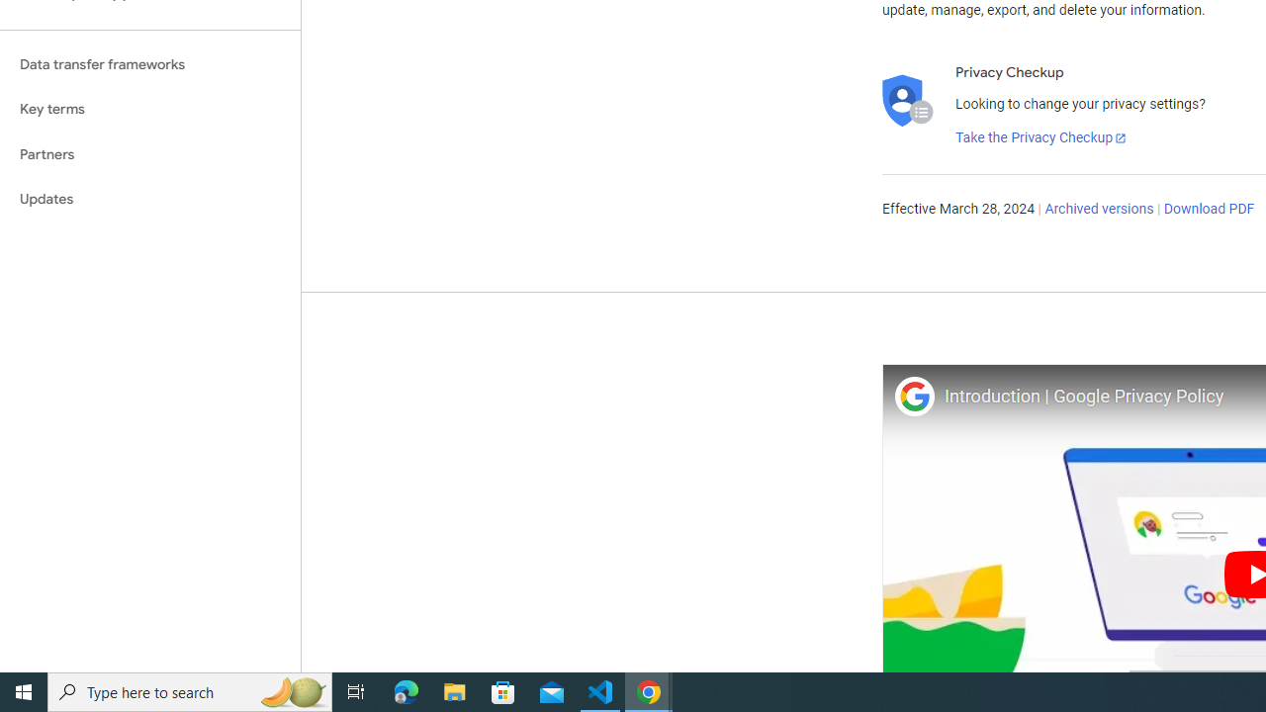 The width and height of the screenshot is (1266, 712). What do you see at coordinates (1040, 137) in the screenshot?
I see `'Take the Privacy Checkup'` at bounding box center [1040, 137].